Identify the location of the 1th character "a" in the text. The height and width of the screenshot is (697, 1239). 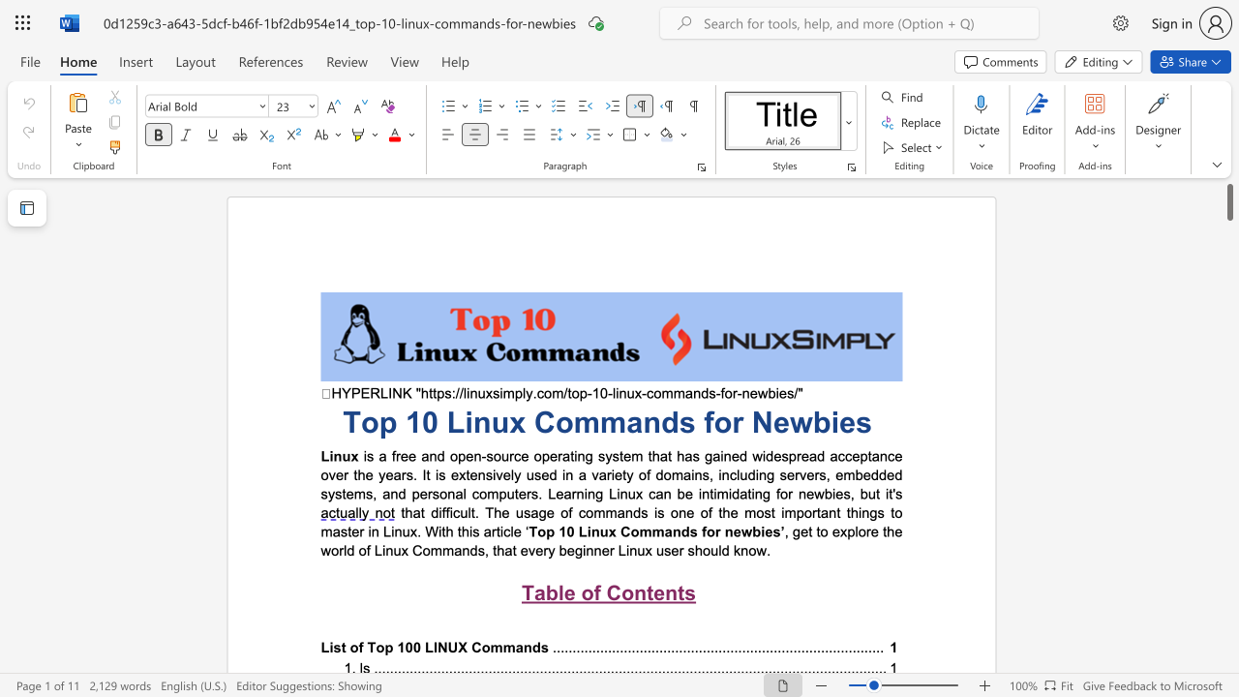
(457, 550).